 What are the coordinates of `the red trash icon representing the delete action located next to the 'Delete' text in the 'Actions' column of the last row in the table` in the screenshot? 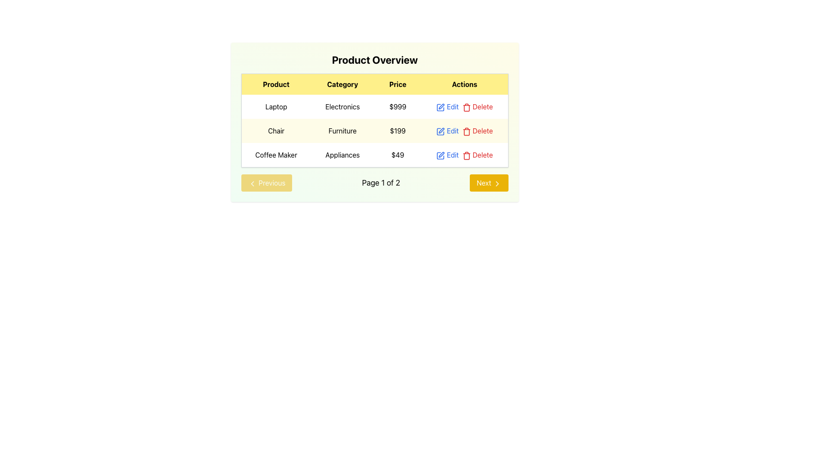 It's located at (466, 155).